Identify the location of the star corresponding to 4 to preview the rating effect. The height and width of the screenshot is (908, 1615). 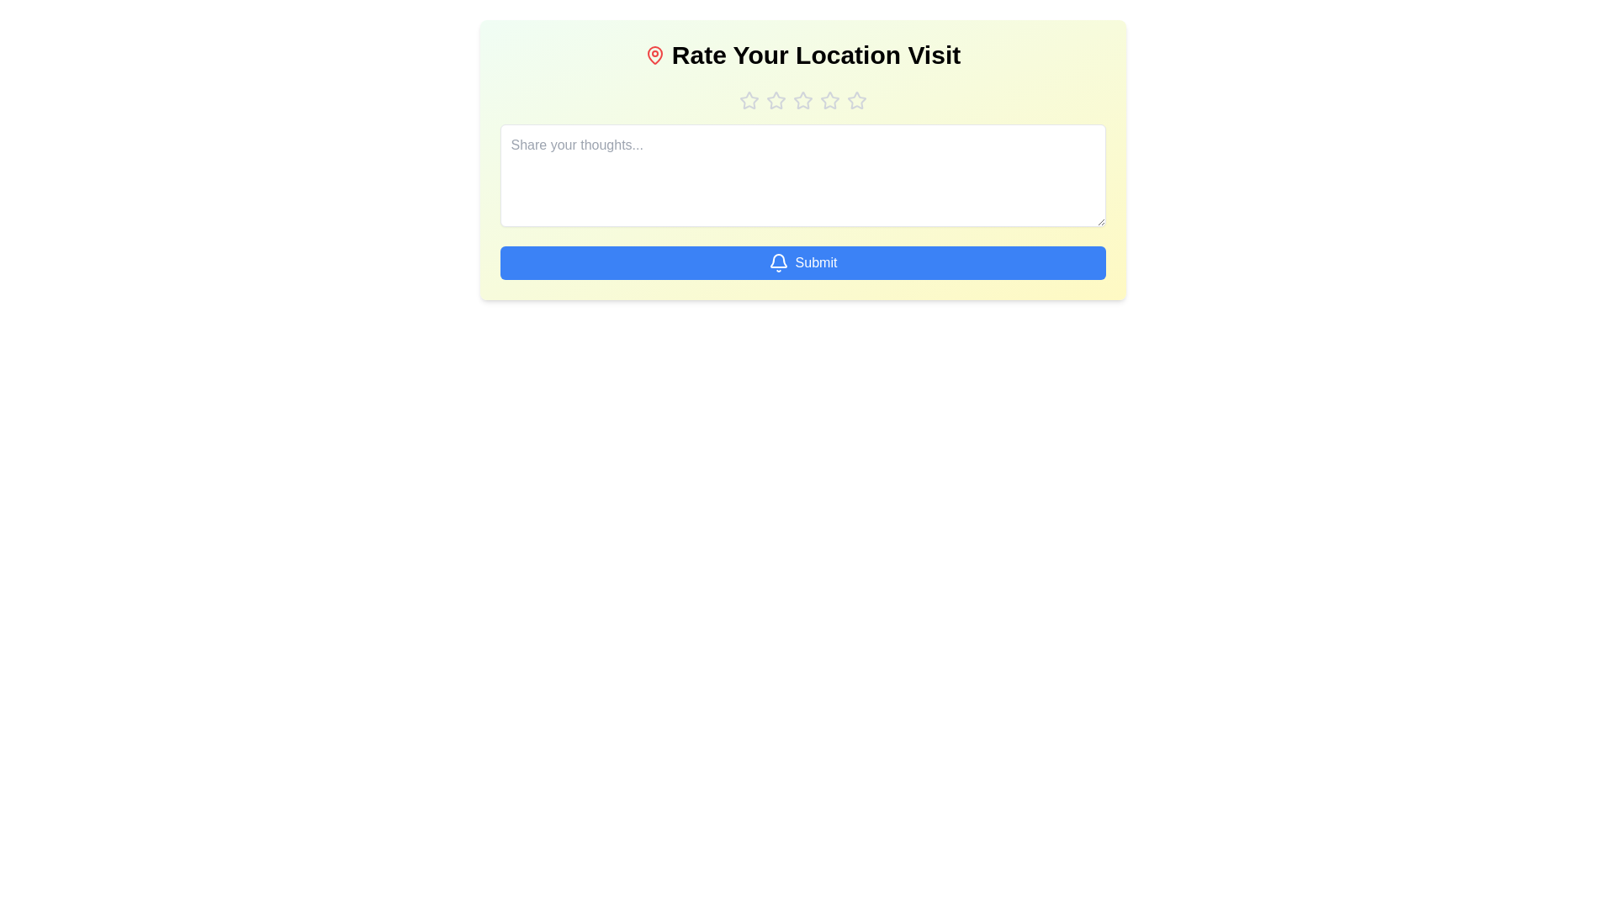
(829, 100).